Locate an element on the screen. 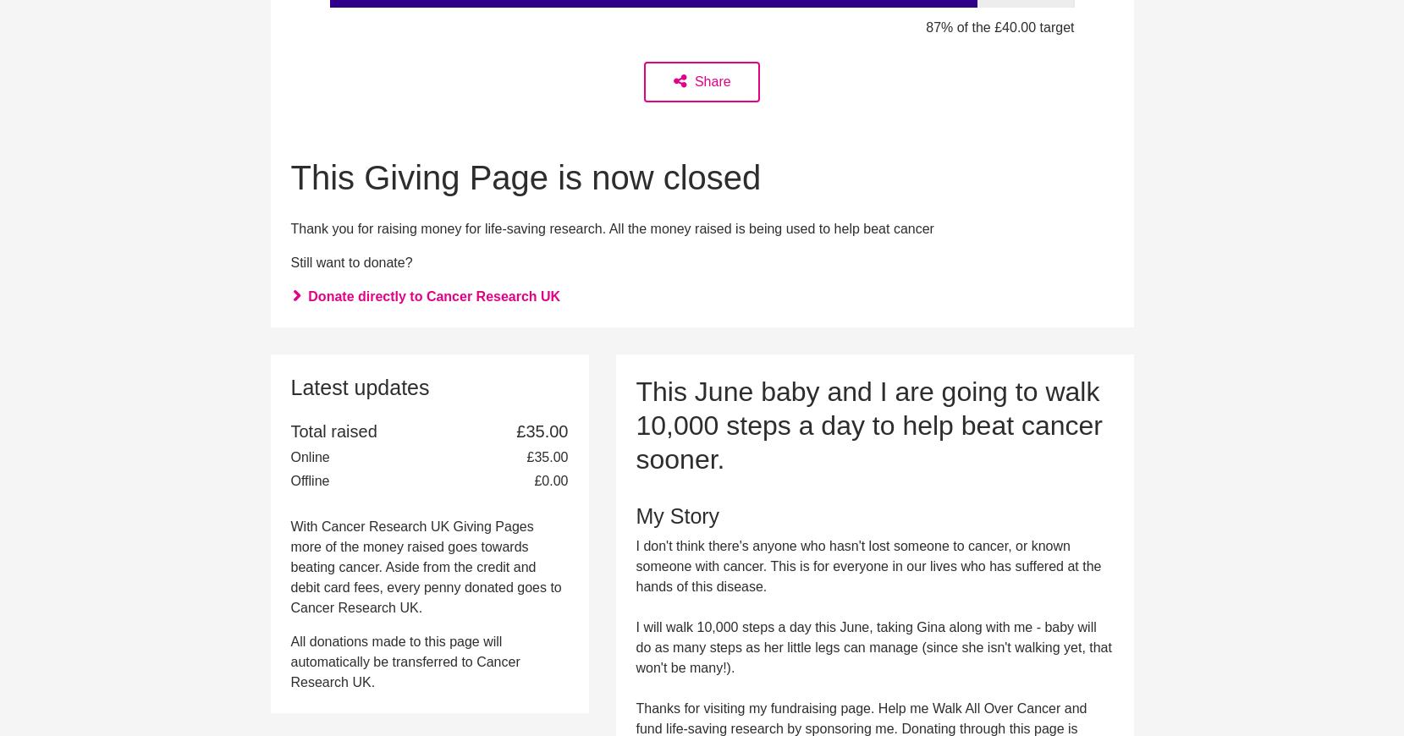 Image resolution: width=1404 pixels, height=736 pixels. 'Still want to donate?' is located at coordinates (289, 261).